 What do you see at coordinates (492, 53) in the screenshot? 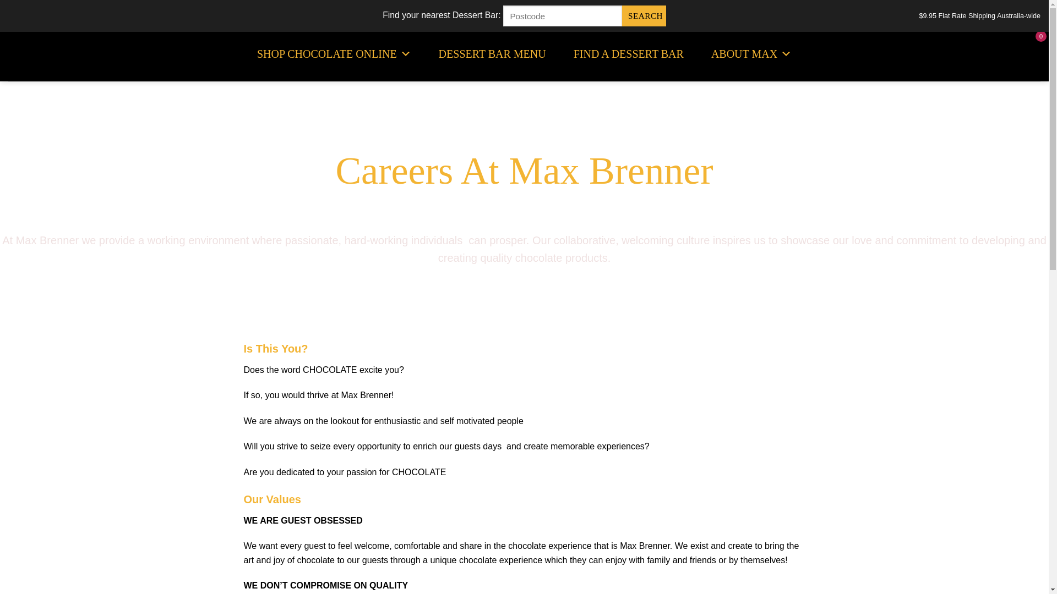
I see `'DESSERT BAR MENU'` at bounding box center [492, 53].